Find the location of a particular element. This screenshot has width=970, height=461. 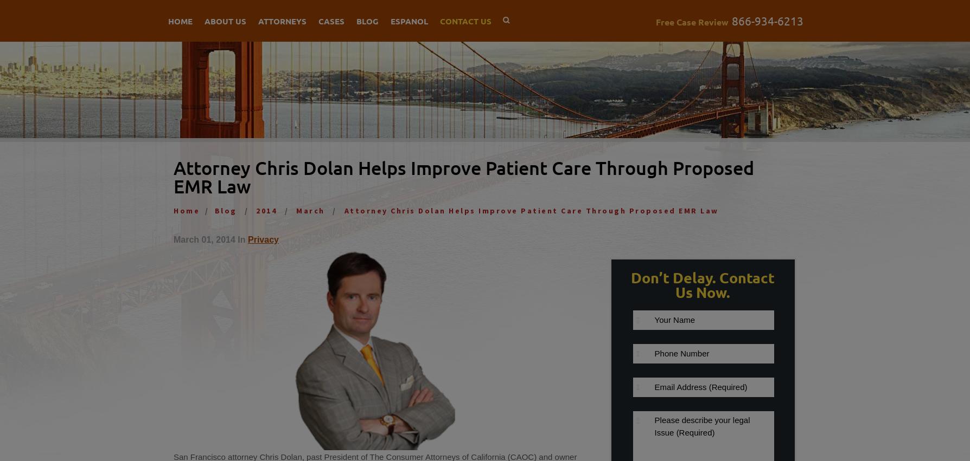

'Staff' is located at coordinates (209, 249).